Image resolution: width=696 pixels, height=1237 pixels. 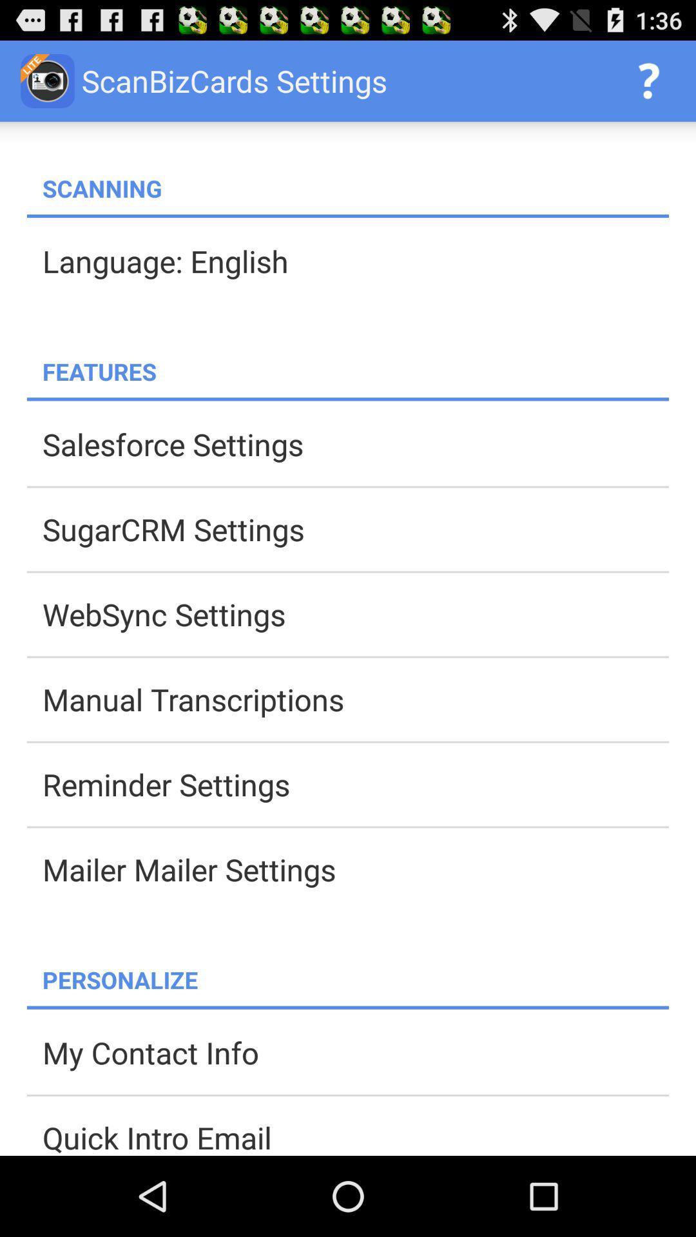 What do you see at coordinates (47, 80) in the screenshot?
I see `the camera icon` at bounding box center [47, 80].